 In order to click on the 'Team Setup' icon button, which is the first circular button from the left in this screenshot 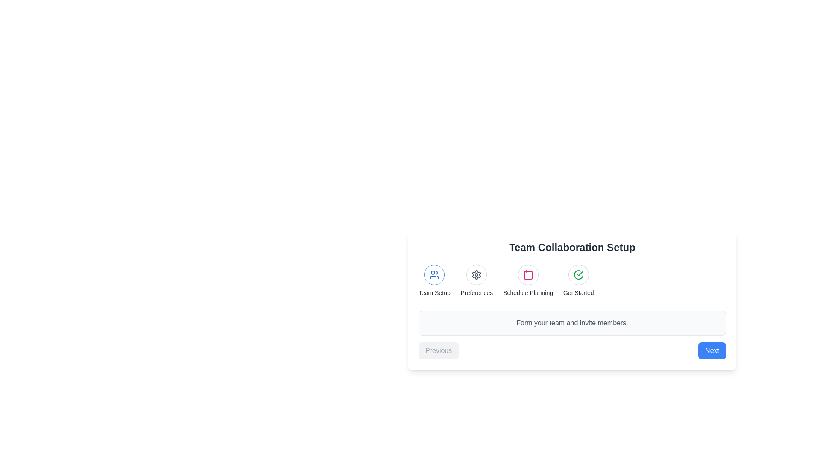, I will do `click(434, 275)`.